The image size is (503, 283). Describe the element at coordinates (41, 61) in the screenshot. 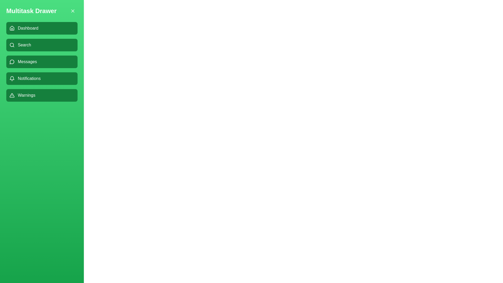

I see `the 'Messages' menu item to navigate to the Messages section` at that location.